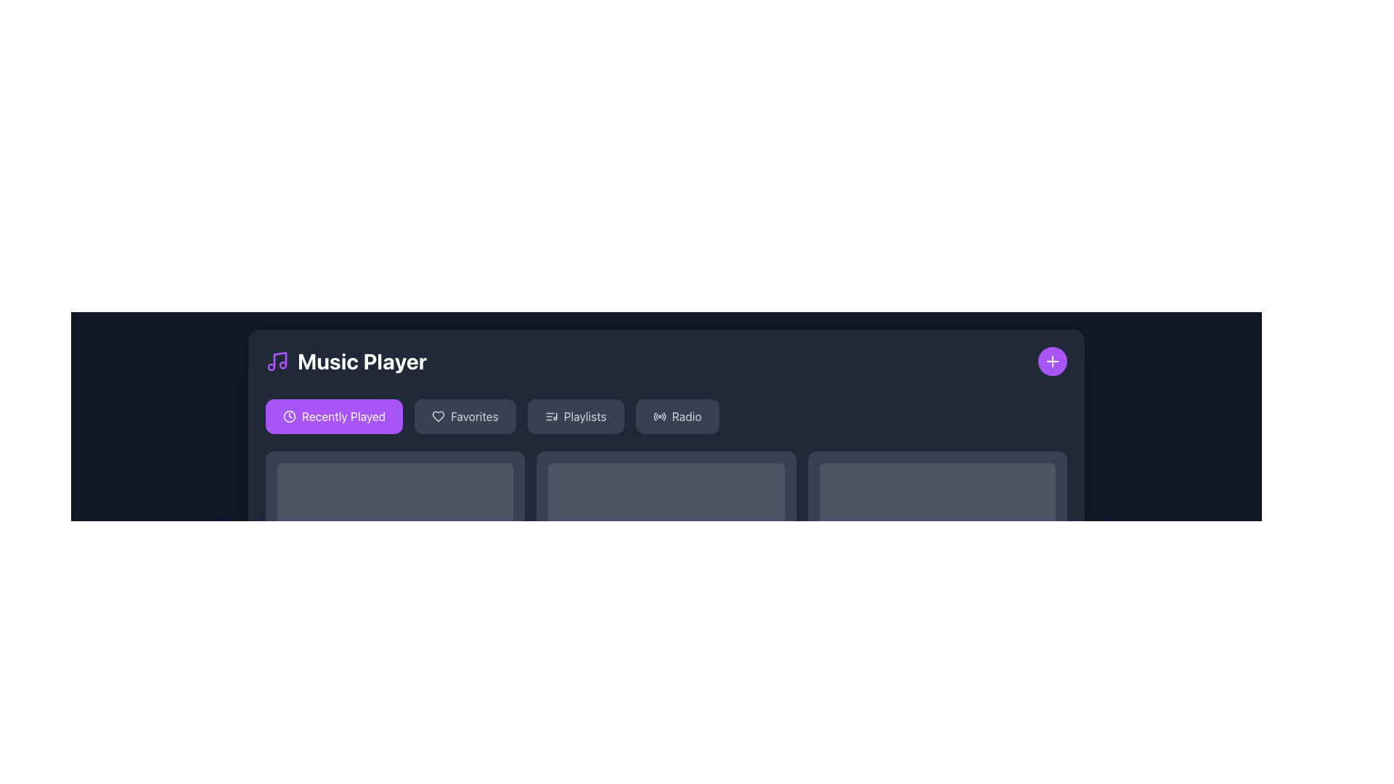 The width and height of the screenshot is (1394, 784). I want to click on the circular button with a purple background and white plus sign located at the top-right corner of the 'Music Player' header section, so click(1052, 360).